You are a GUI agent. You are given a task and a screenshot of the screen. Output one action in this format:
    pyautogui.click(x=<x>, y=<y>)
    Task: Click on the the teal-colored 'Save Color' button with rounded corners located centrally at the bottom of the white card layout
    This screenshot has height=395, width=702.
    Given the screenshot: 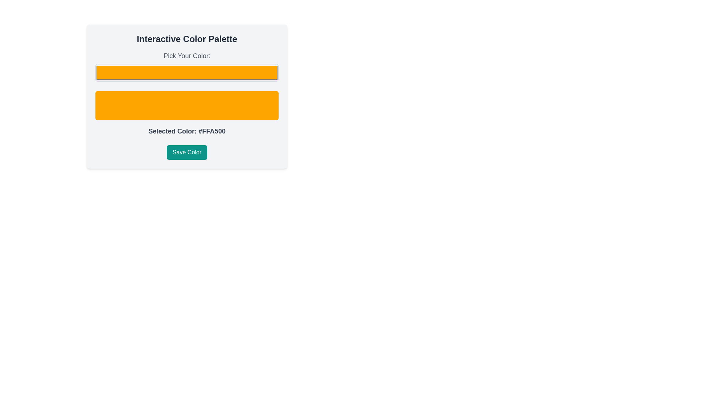 What is the action you would take?
    pyautogui.click(x=187, y=152)
    